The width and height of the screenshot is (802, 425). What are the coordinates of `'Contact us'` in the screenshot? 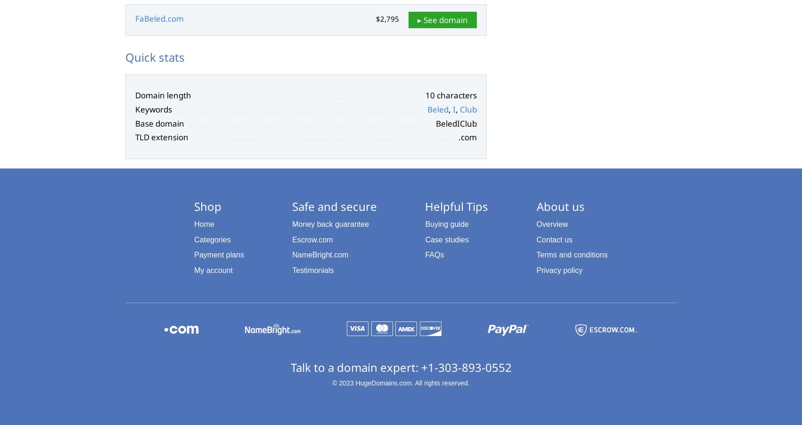 It's located at (554, 239).